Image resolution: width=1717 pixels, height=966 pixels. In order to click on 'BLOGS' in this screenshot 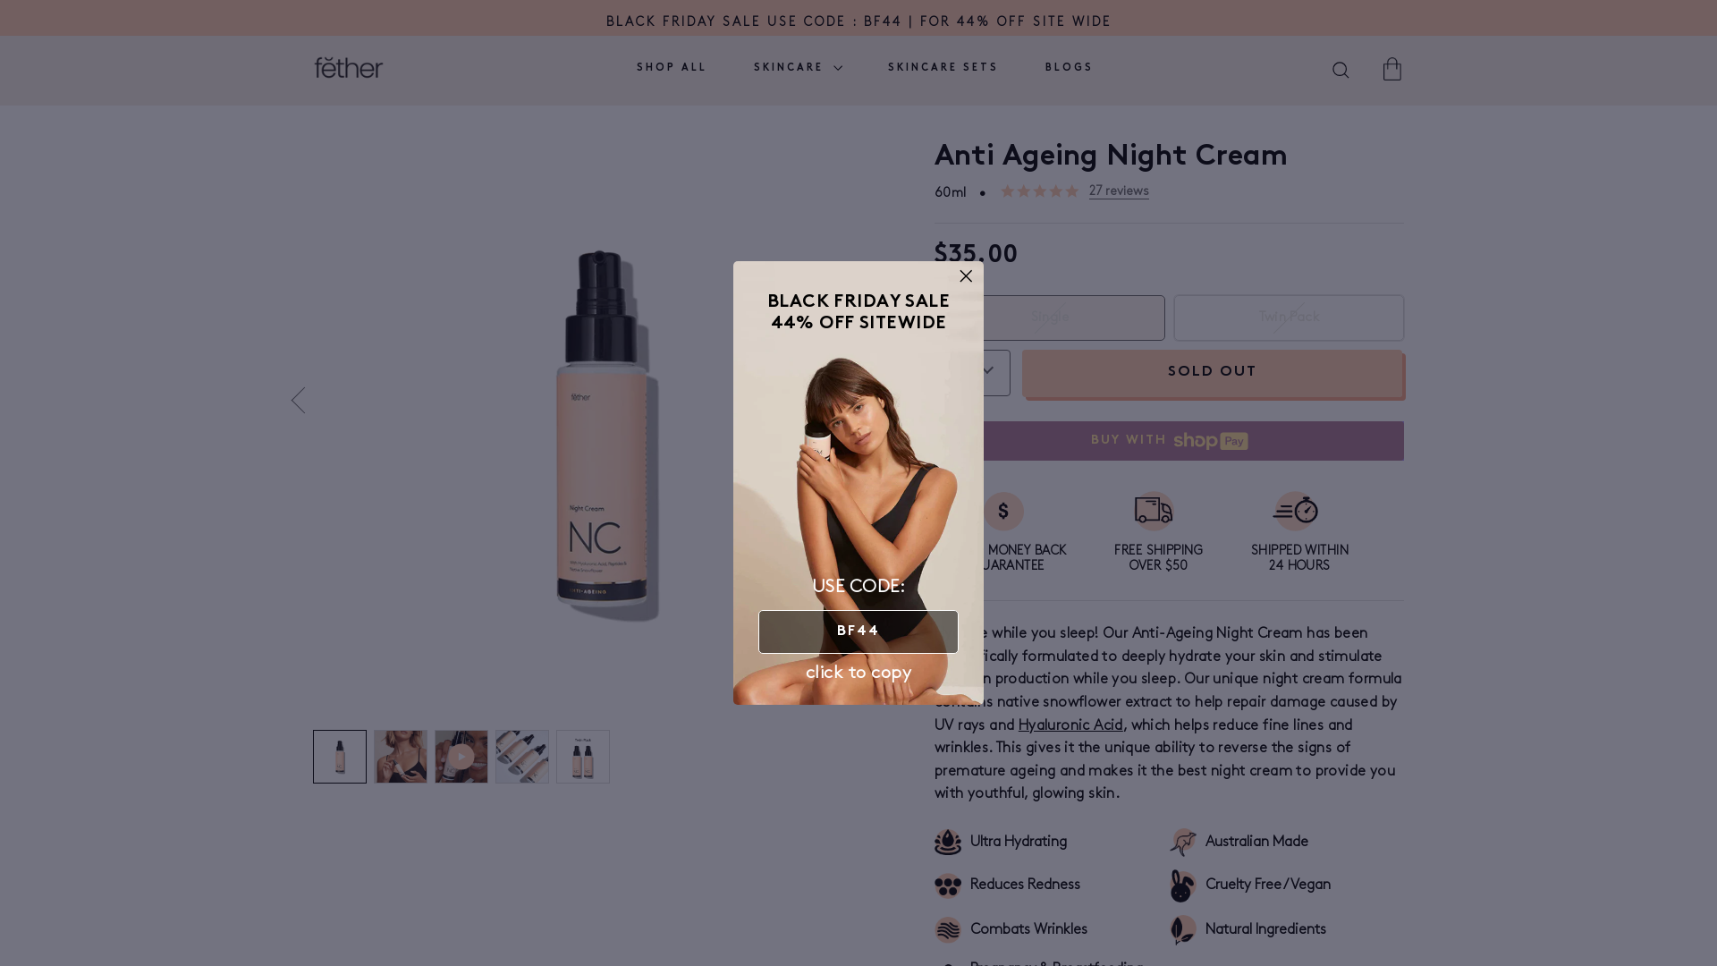, I will do `click(1031, 68)`.